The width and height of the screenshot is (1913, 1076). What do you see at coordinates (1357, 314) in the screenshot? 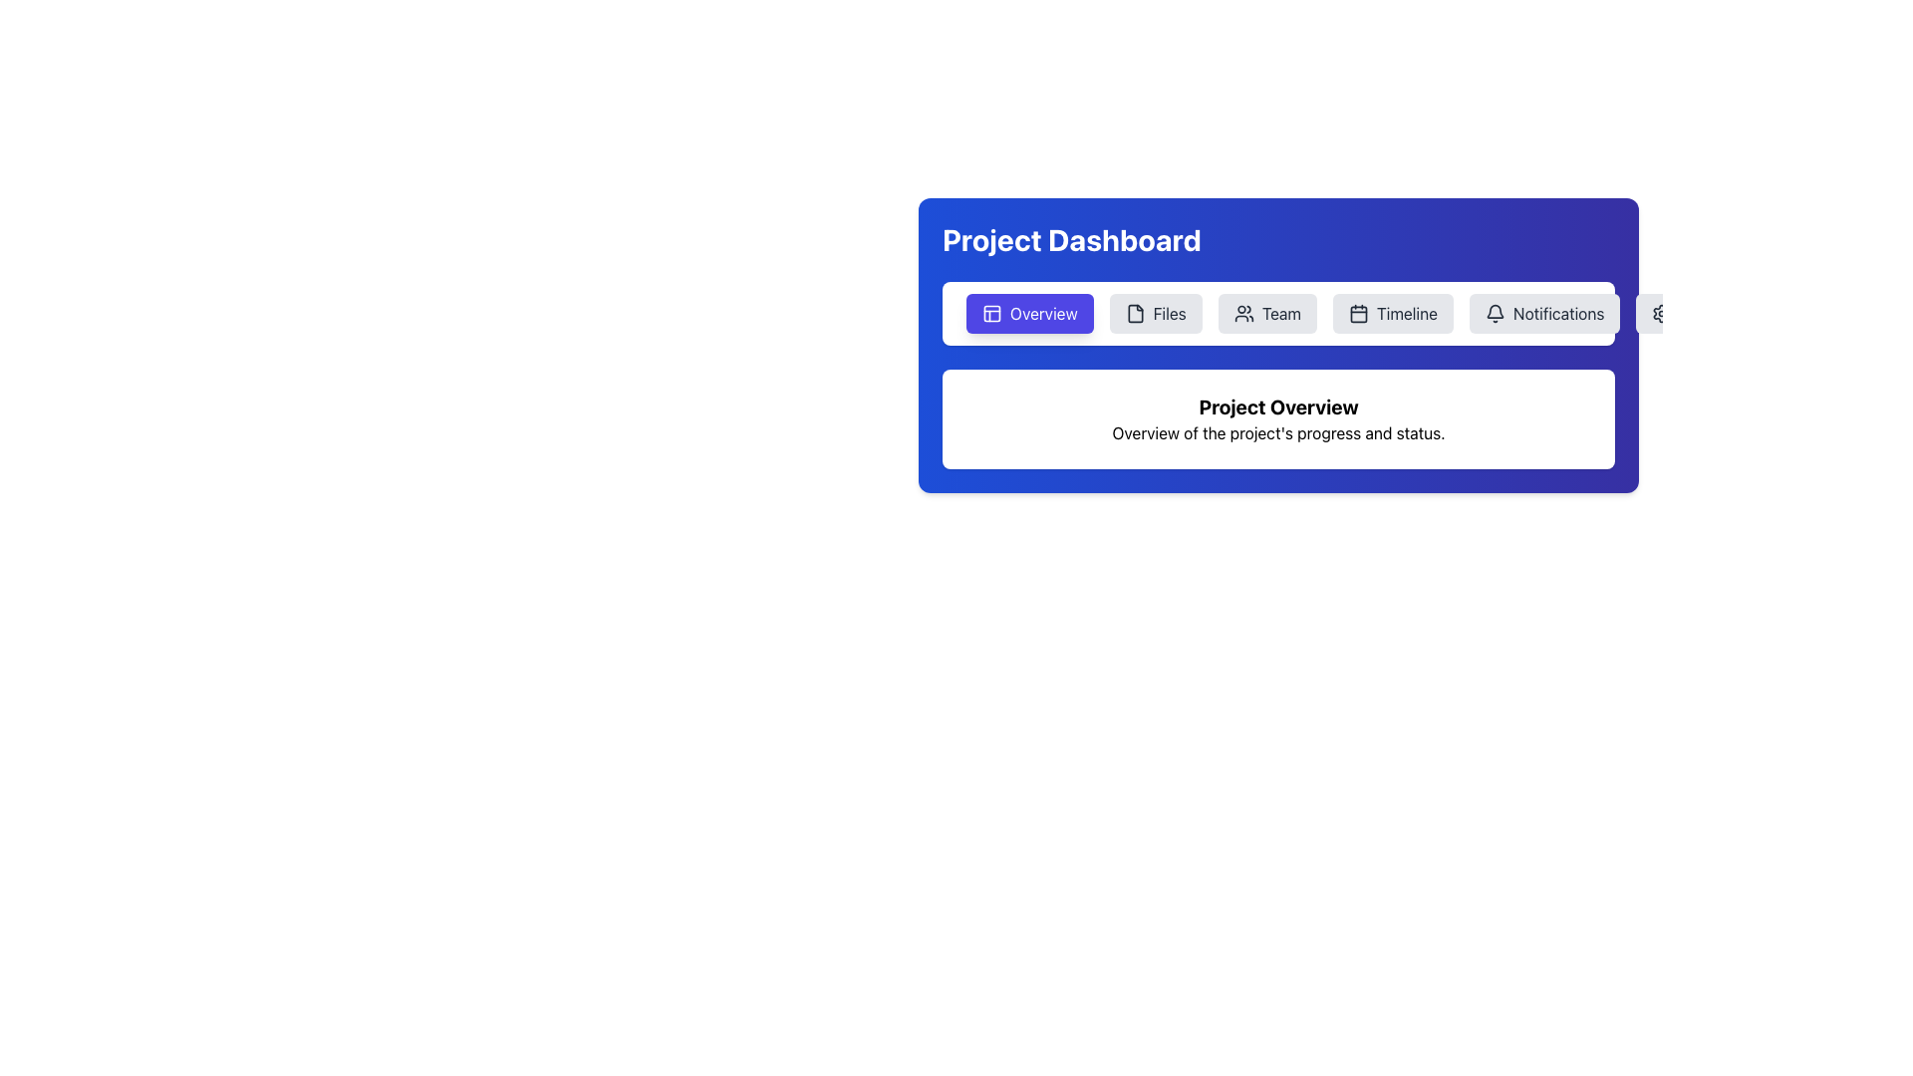
I see `the calendar icon located in the navigation bar to the left of the 'Timeline' text label` at bounding box center [1357, 314].